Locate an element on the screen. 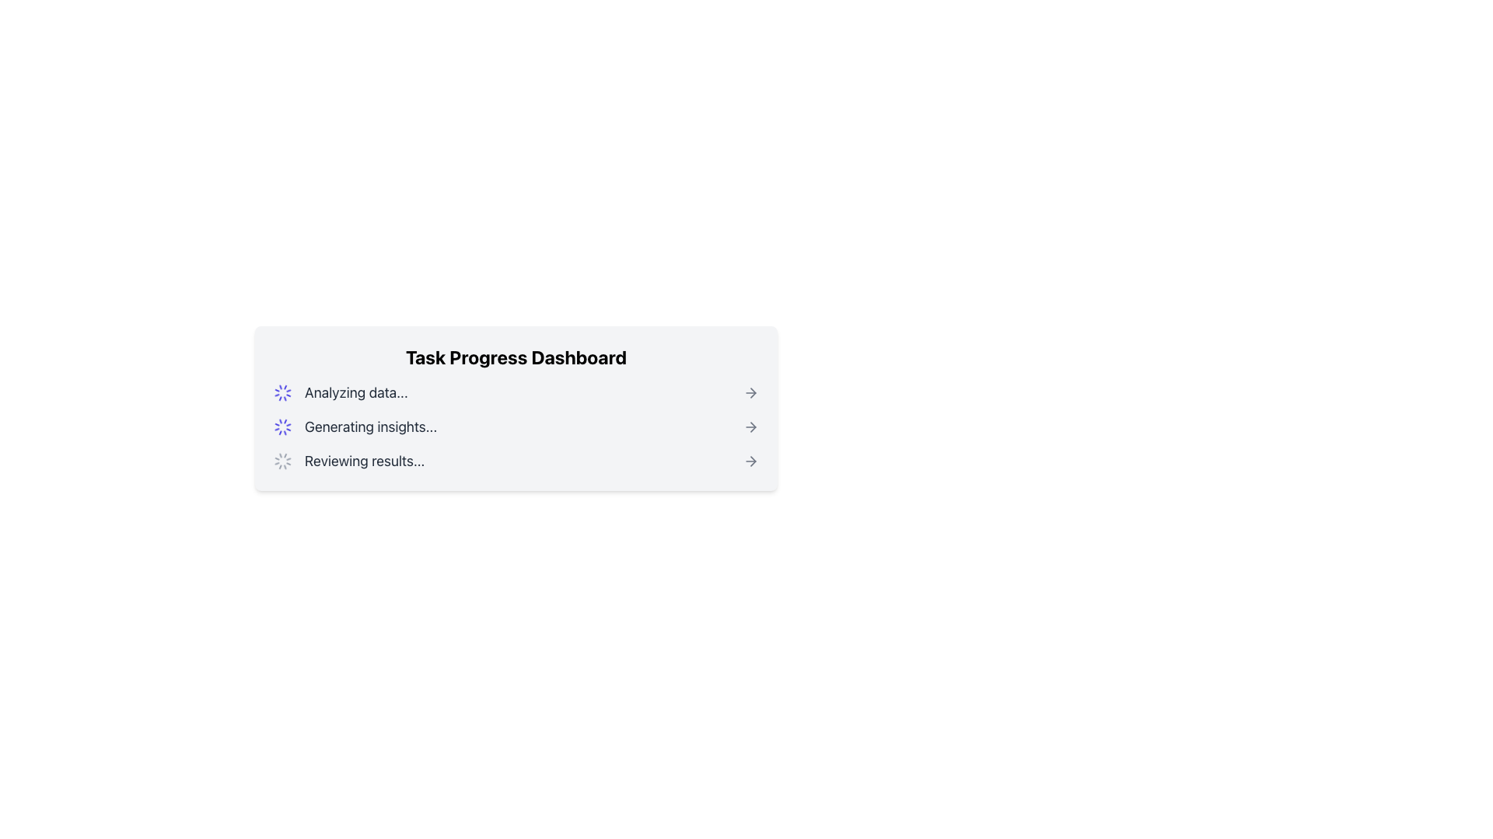  the loader icon with a spinning animation, styled in blue-indigo, located to the left of the text 'Generating insights...' under the 'Task Progress Dashboard' section is located at coordinates (283, 427).